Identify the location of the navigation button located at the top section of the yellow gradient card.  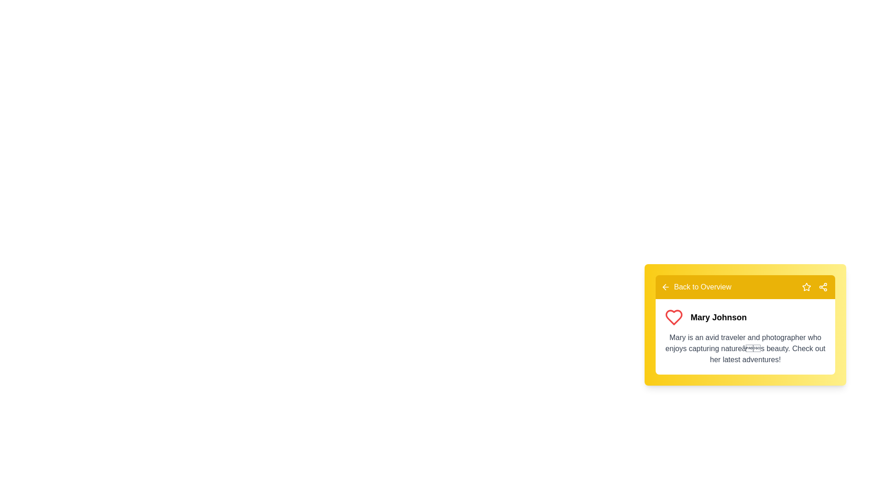
(745, 287).